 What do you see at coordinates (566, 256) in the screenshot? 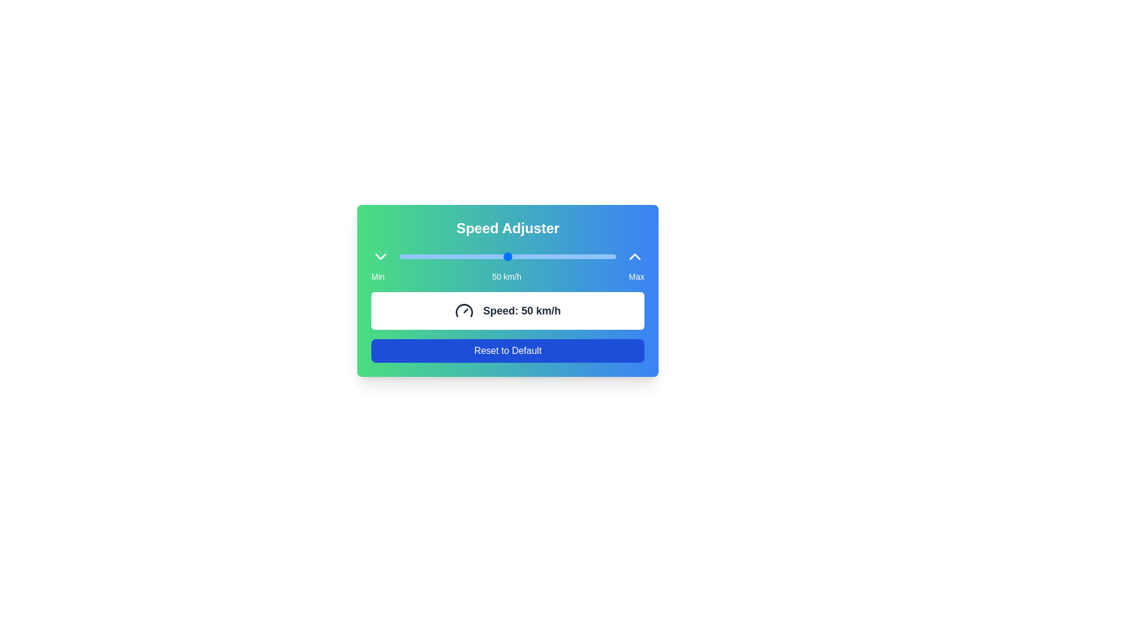
I see `the slider position` at bounding box center [566, 256].